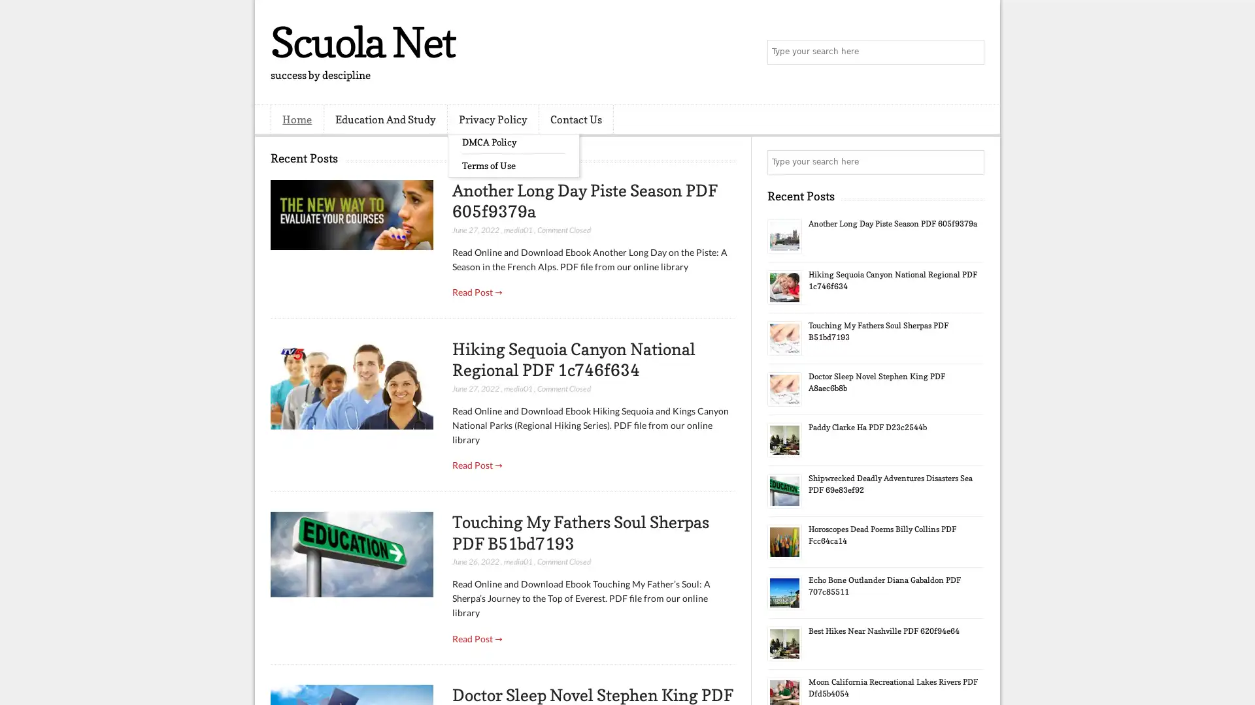 This screenshot has width=1255, height=705. I want to click on Search, so click(971, 52).